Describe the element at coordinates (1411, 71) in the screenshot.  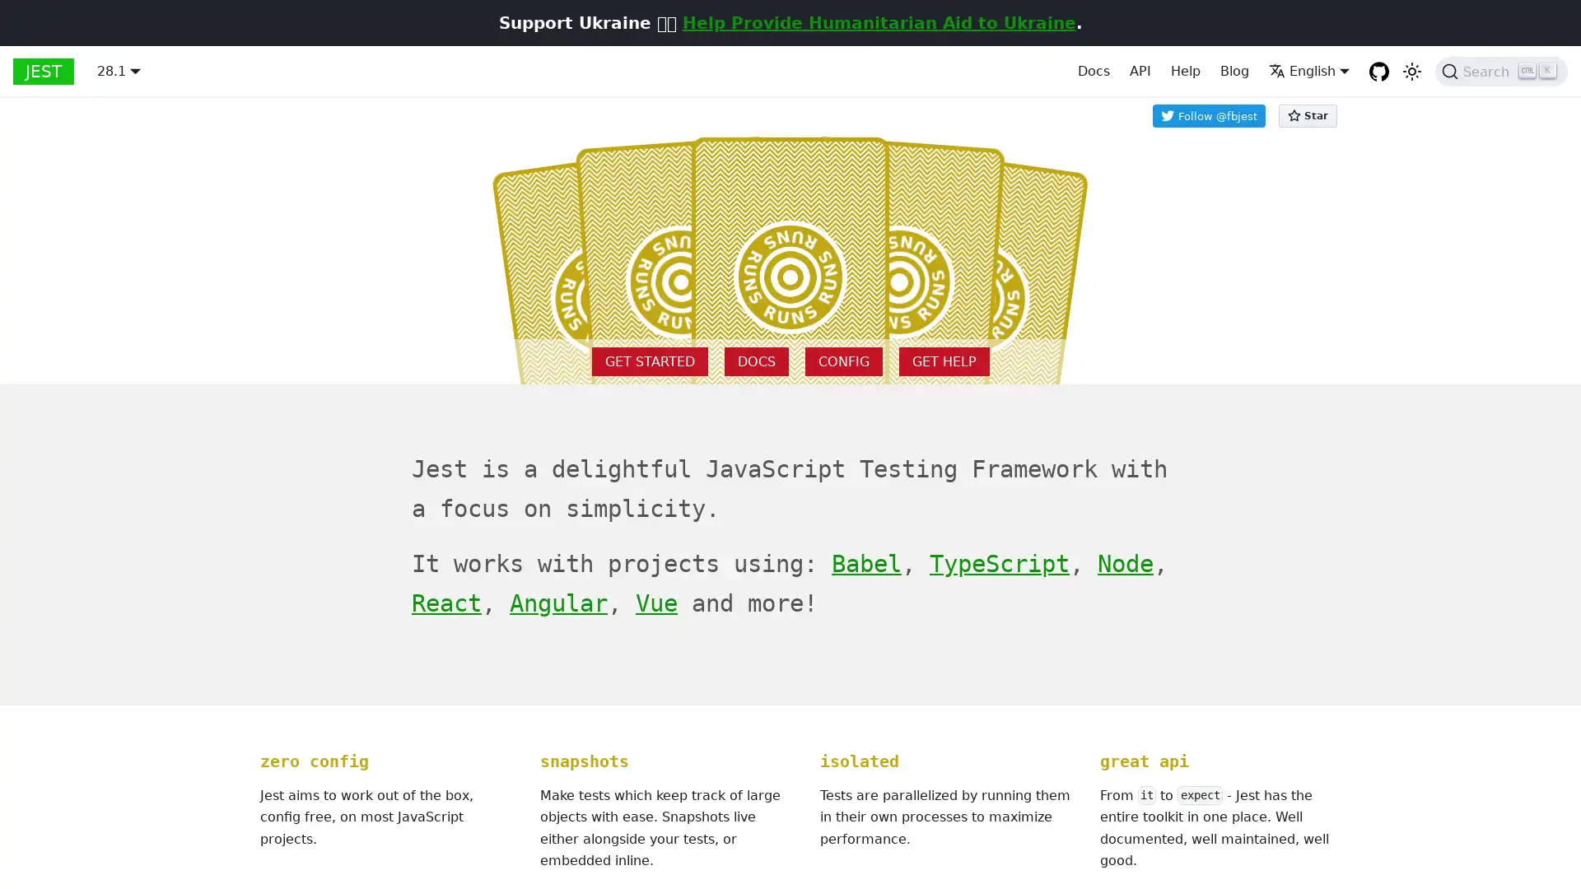
I see `Switch between dark and light mode (currently light mode)` at that location.